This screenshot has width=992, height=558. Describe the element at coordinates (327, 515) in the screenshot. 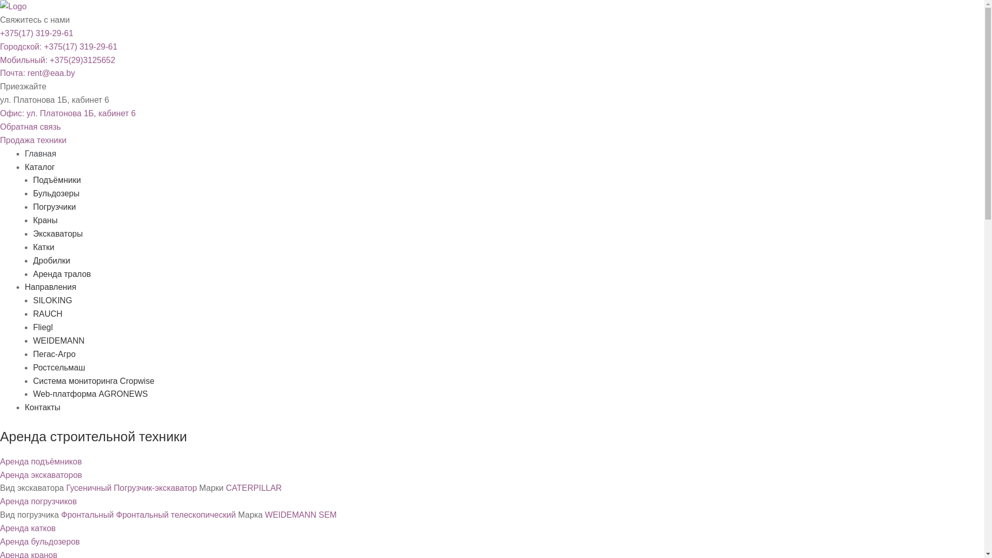

I see `'SEM'` at that location.